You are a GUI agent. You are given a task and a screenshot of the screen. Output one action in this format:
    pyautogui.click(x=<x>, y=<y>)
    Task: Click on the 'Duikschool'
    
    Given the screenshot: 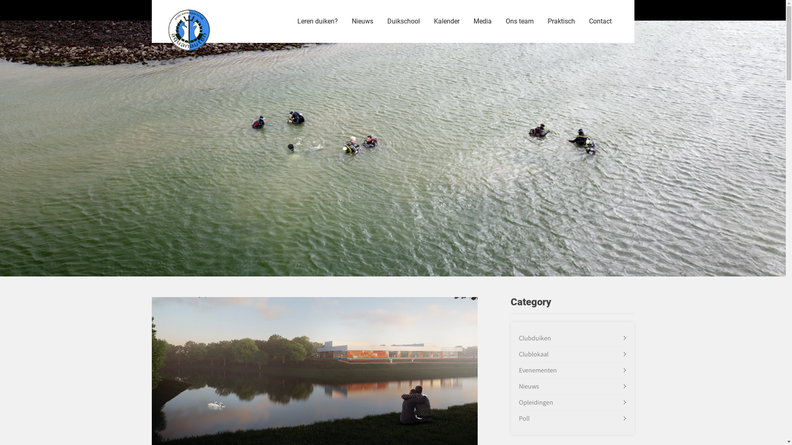 What is the action you would take?
    pyautogui.click(x=403, y=21)
    